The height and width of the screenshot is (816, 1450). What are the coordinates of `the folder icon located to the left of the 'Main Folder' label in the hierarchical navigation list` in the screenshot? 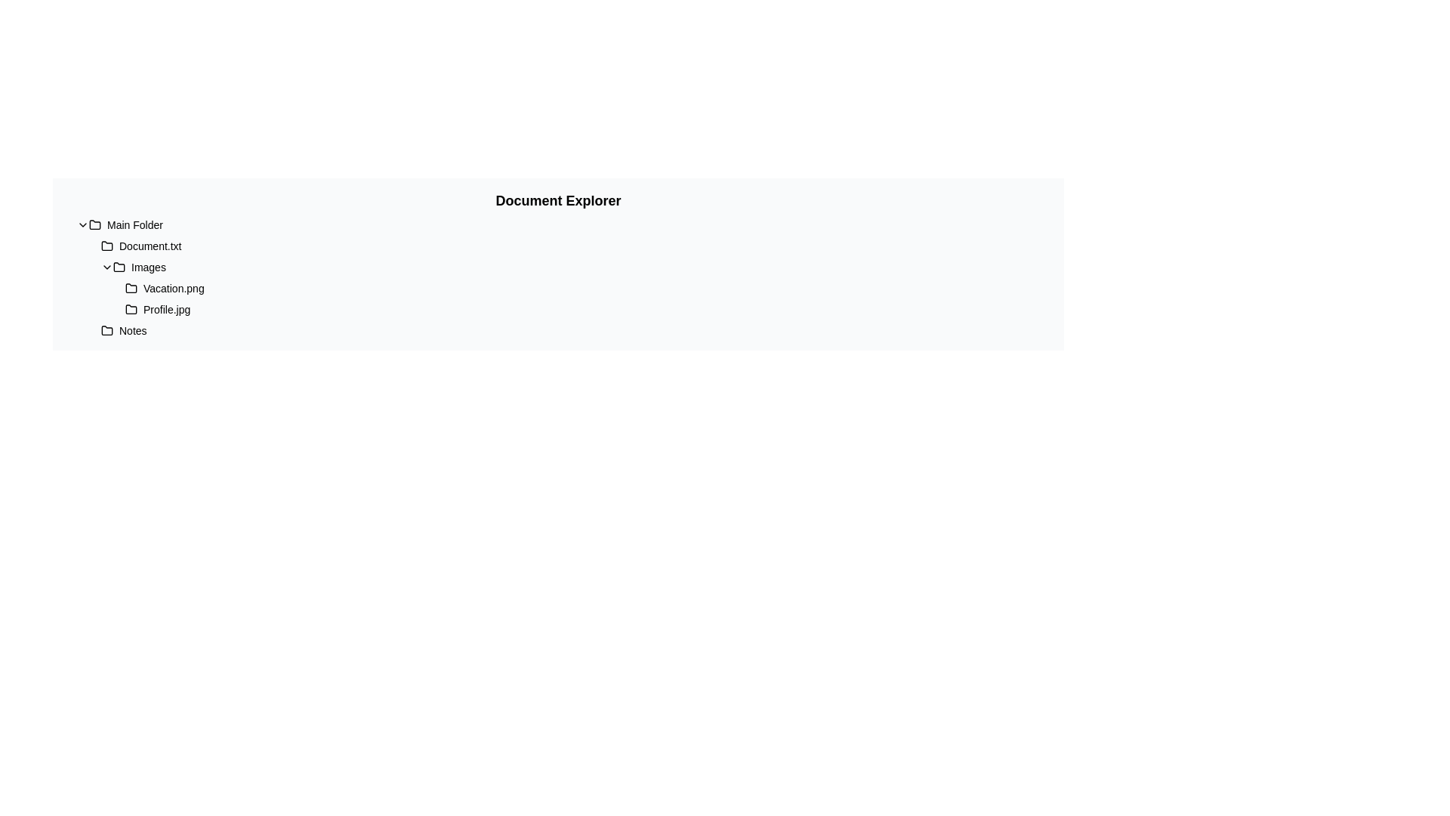 It's located at (94, 224).